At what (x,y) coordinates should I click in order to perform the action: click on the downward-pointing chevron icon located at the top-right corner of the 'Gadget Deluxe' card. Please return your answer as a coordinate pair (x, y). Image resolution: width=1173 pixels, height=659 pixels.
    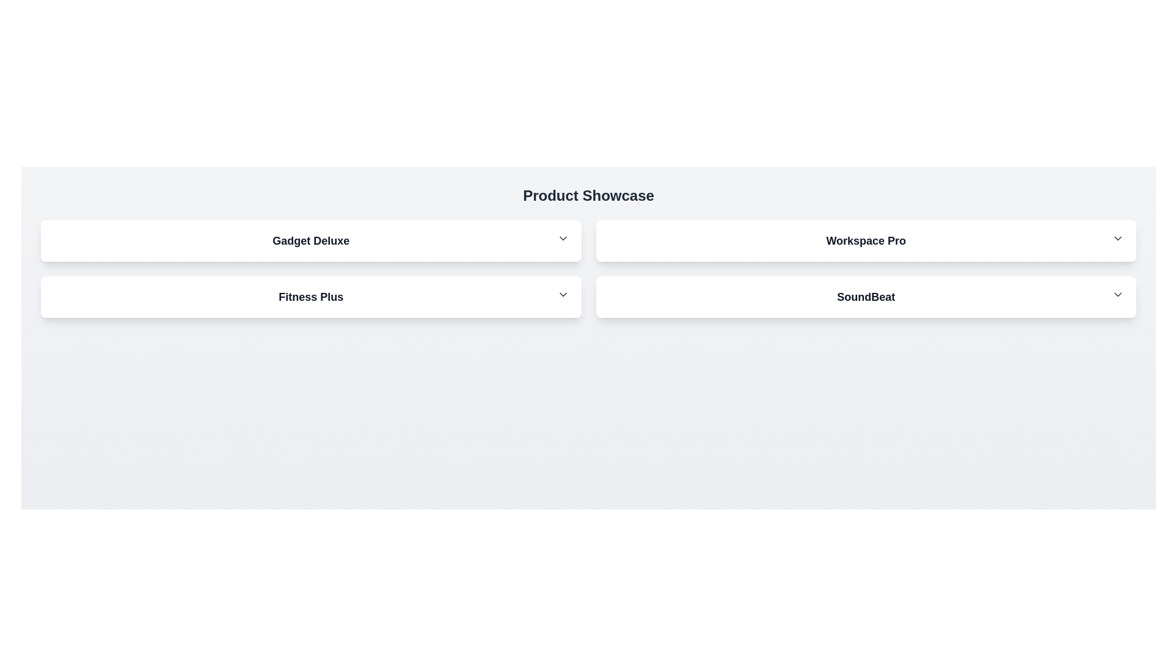
    Looking at the image, I should click on (562, 238).